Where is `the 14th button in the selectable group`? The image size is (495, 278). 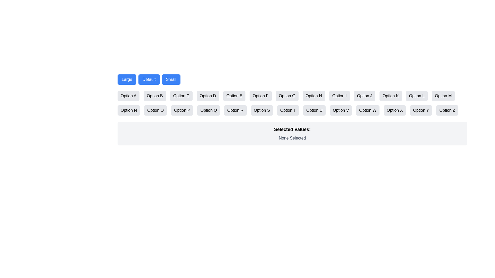 the 14th button in the selectable group is located at coordinates (129, 110).